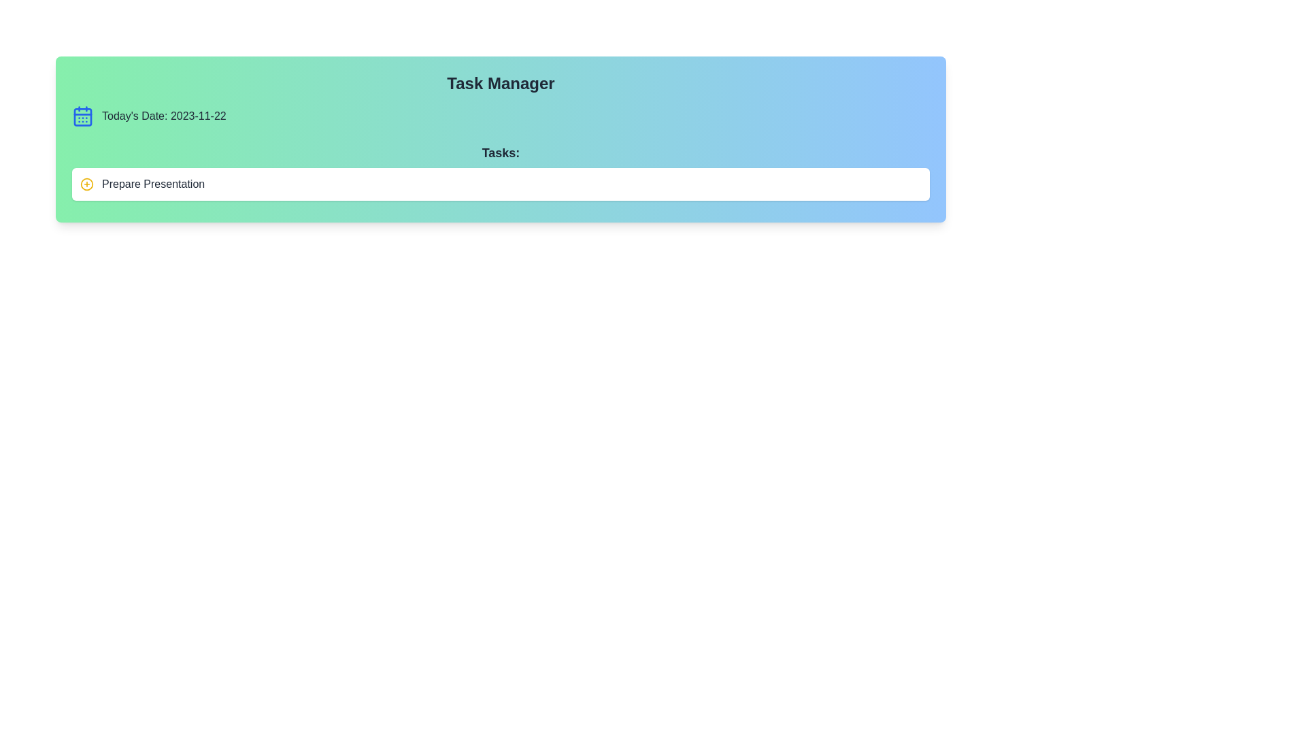 The image size is (1306, 735). What do you see at coordinates (153, 184) in the screenshot?
I see `the text label displaying 'Prepare Presentation', which is a bold, sans-serif font in black, located inside a white panel with rounded corners next to a circular yellow '+' icon` at bounding box center [153, 184].